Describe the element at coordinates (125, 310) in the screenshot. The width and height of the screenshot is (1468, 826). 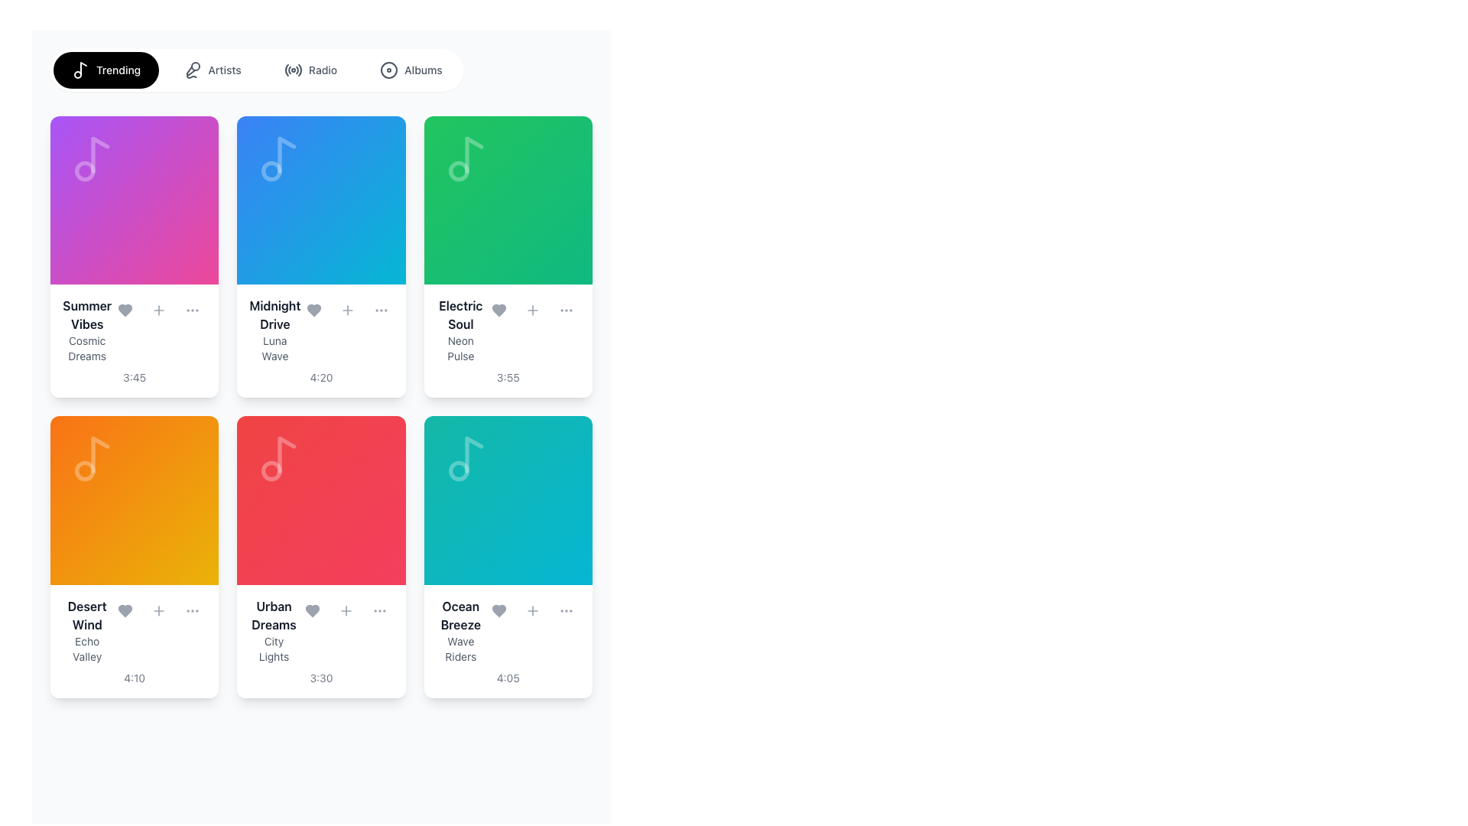
I see `the first heart icon associated with the song 'Summer Vibes' to mark it as a favorite` at that location.